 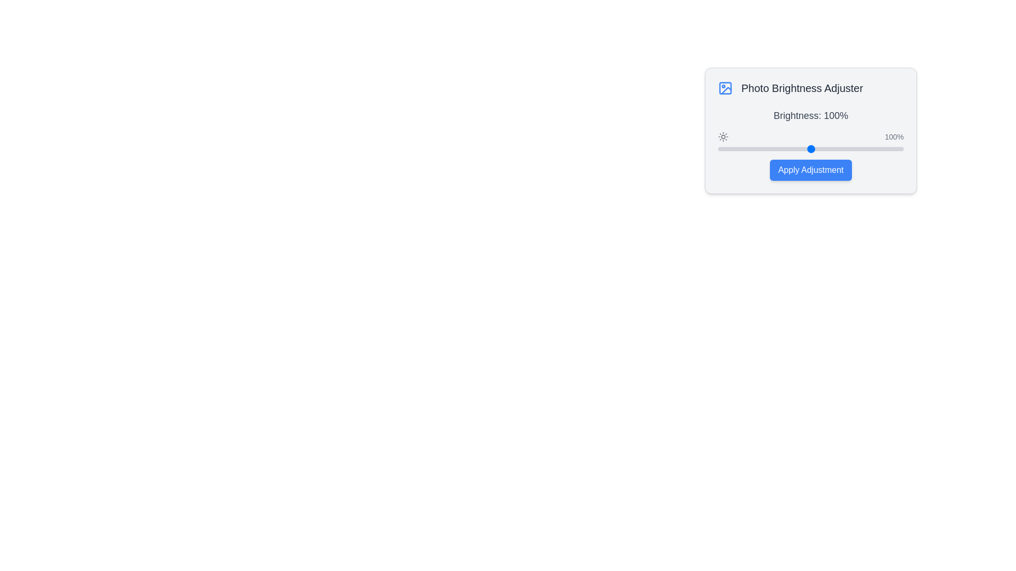 What do you see at coordinates (819, 149) in the screenshot?
I see `the brightness slider to 109` at bounding box center [819, 149].